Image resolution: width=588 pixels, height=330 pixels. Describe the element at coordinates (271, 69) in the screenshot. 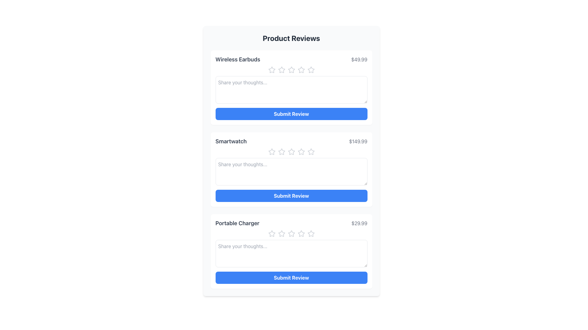

I see `the first rating star in the 'Wireless Earbuds' review section` at that location.